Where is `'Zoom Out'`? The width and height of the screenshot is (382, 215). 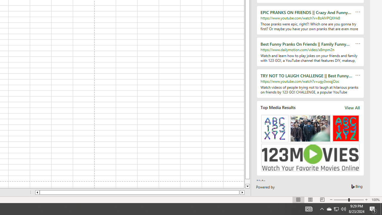
'Zoom Out' is located at coordinates (341, 200).